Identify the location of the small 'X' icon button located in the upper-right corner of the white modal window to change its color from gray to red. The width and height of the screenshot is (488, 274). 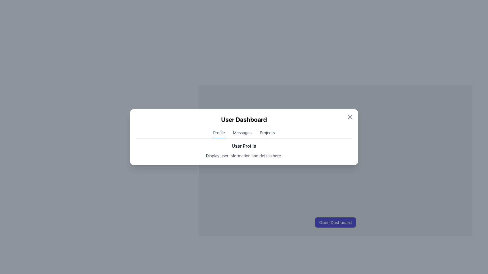
(350, 117).